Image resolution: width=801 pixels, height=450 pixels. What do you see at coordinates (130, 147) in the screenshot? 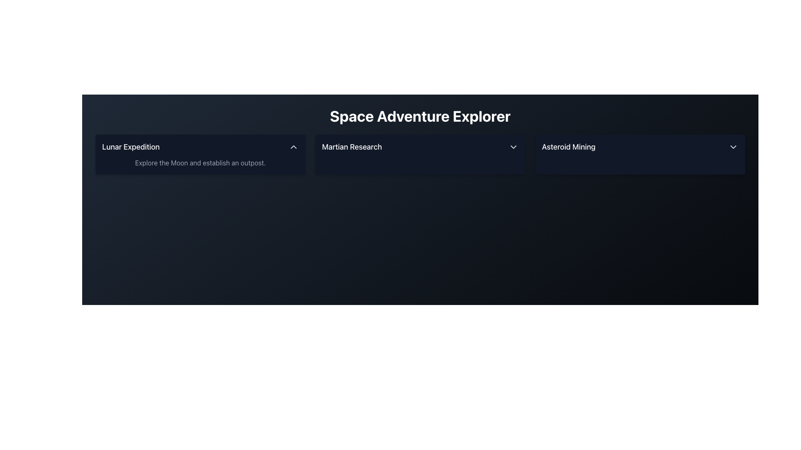
I see `the 'Lunar Expedition' section header` at bounding box center [130, 147].